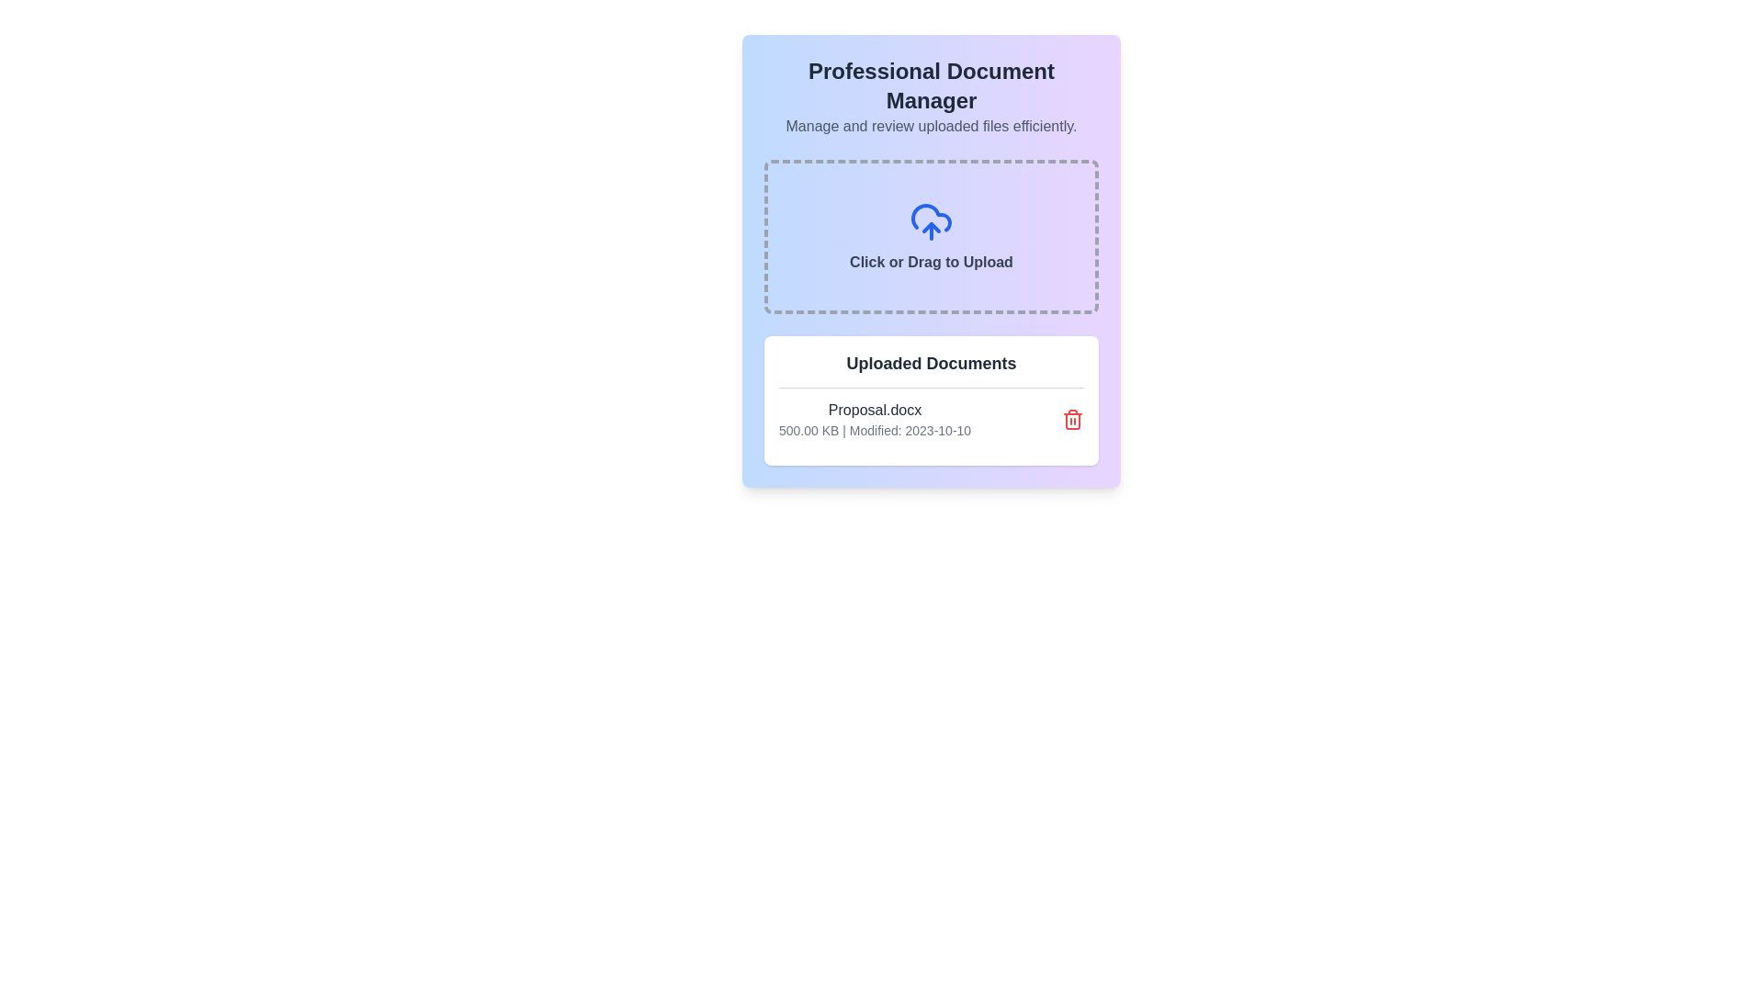 This screenshot has height=992, width=1764. Describe the element at coordinates (931, 419) in the screenshot. I see `the List item entry displaying the file name 'Proposal.docx' and its details in the 'Uploaded Documents' section` at that location.